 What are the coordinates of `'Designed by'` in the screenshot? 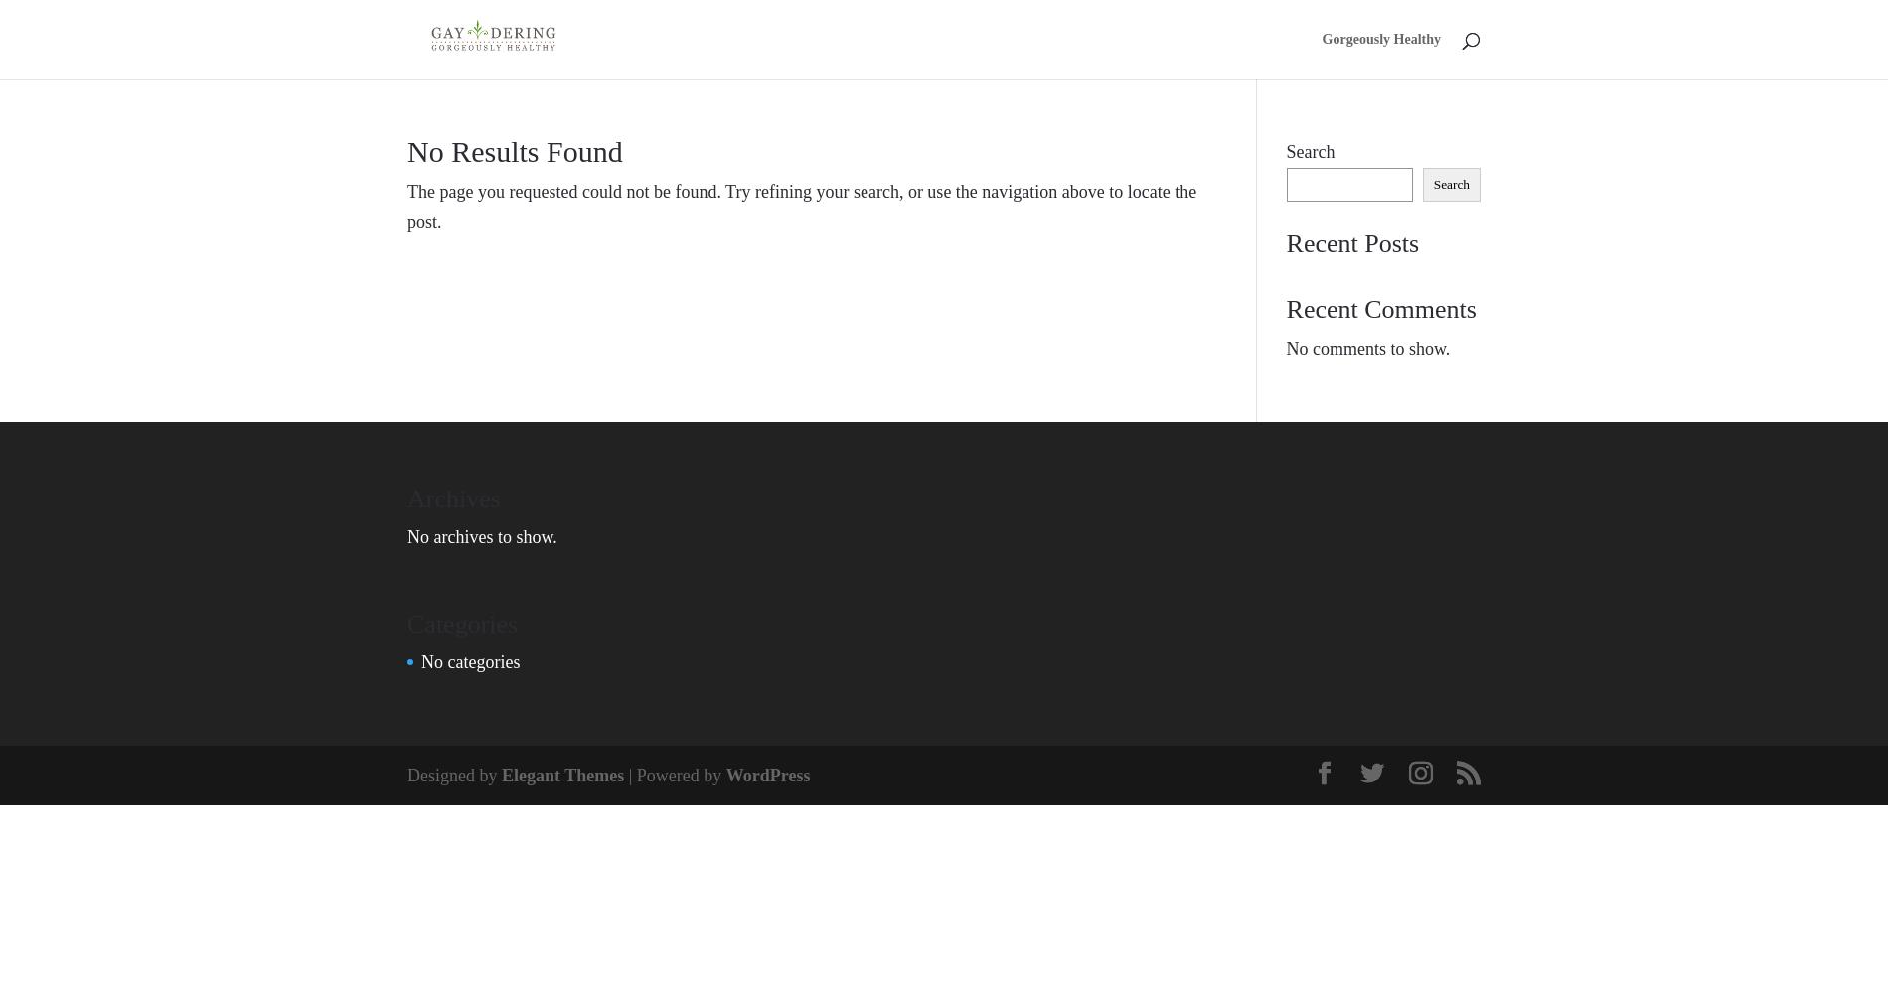 It's located at (452, 775).